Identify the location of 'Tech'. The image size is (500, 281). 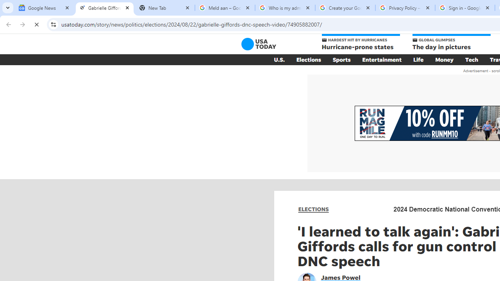
(471, 59).